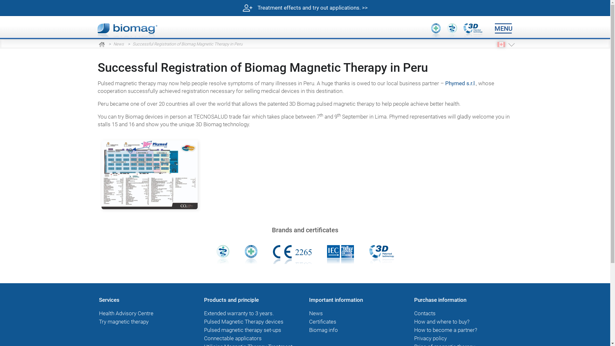 The image size is (615, 346). I want to click on 'Try magnetic therapy', so click(123, 321).